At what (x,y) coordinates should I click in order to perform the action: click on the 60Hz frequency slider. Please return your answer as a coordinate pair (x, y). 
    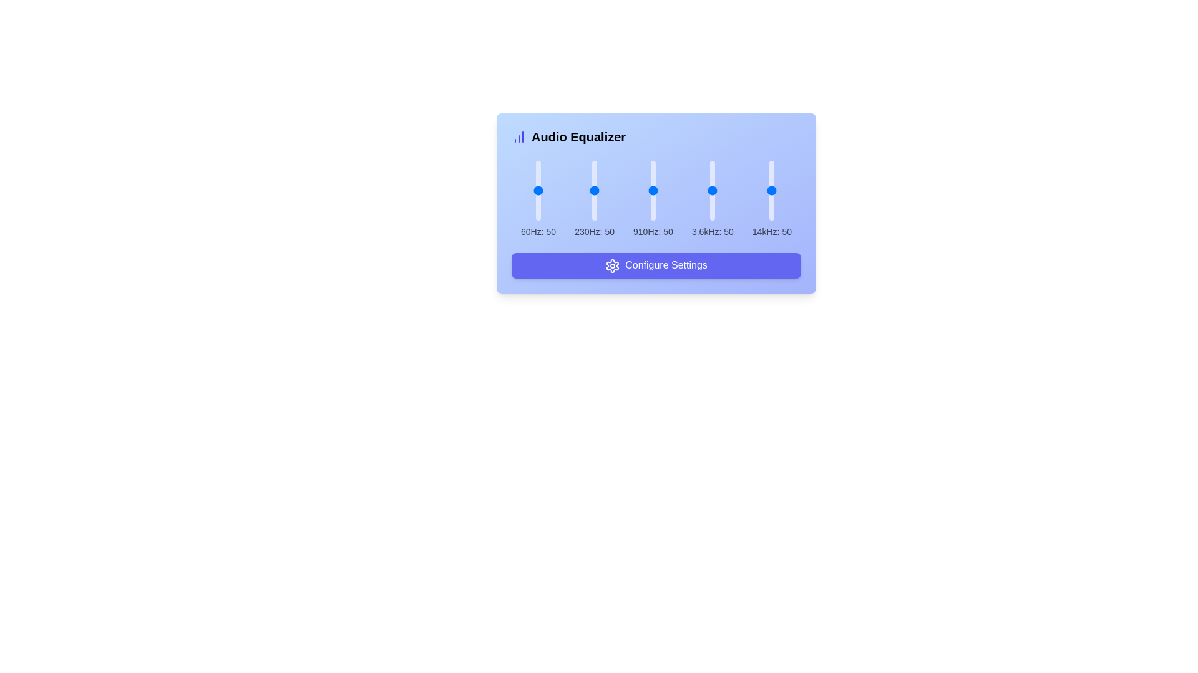
    Looking at the image, I should click on (538, 198).